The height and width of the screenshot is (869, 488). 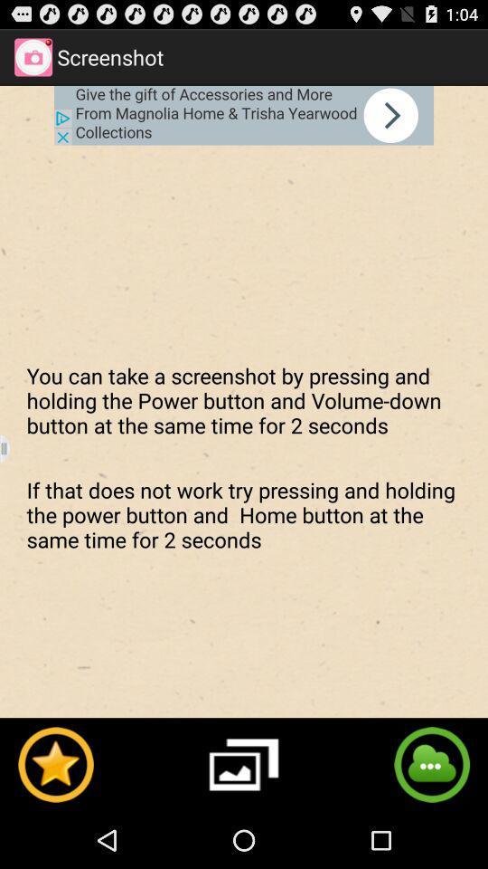 I want to click on photo option, so click(x=244, y=763).